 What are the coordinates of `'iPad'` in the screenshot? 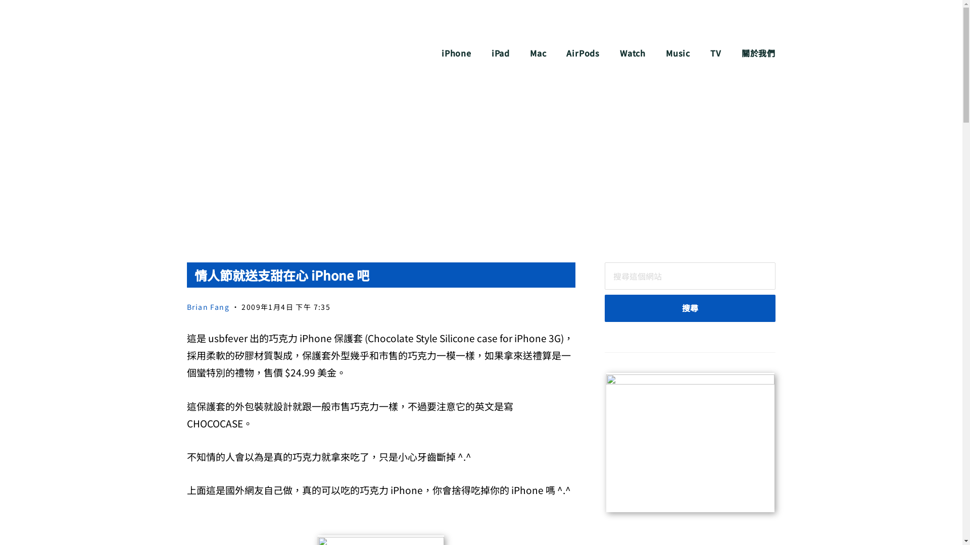 It's located at (500, 53).